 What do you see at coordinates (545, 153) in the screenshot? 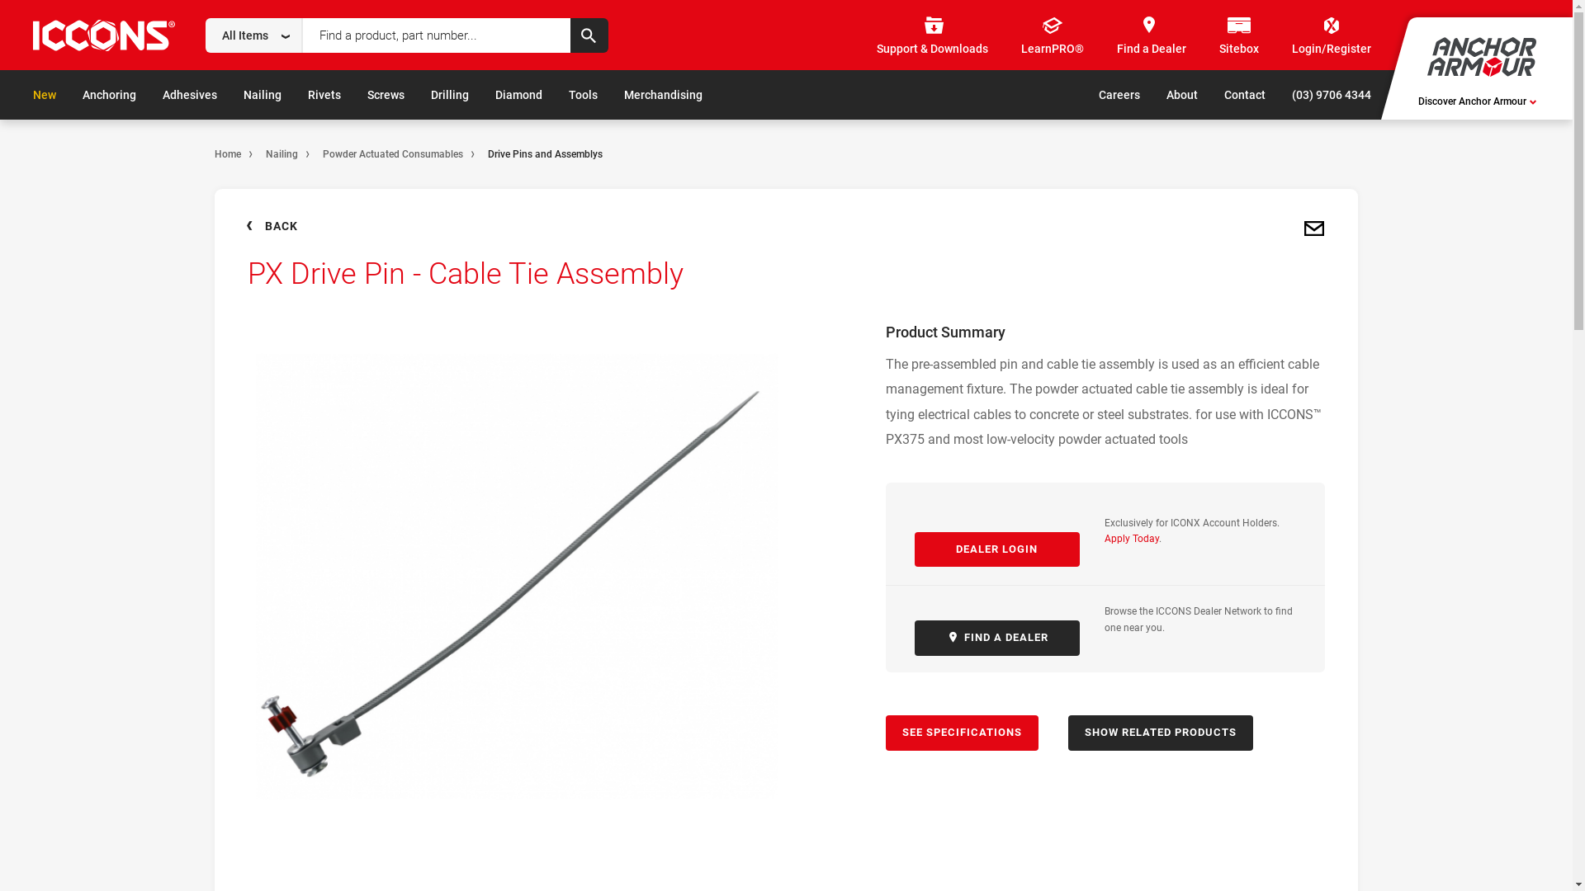
I see `'Drive Pins and Assemblys'` at bounding box center [545, 153].